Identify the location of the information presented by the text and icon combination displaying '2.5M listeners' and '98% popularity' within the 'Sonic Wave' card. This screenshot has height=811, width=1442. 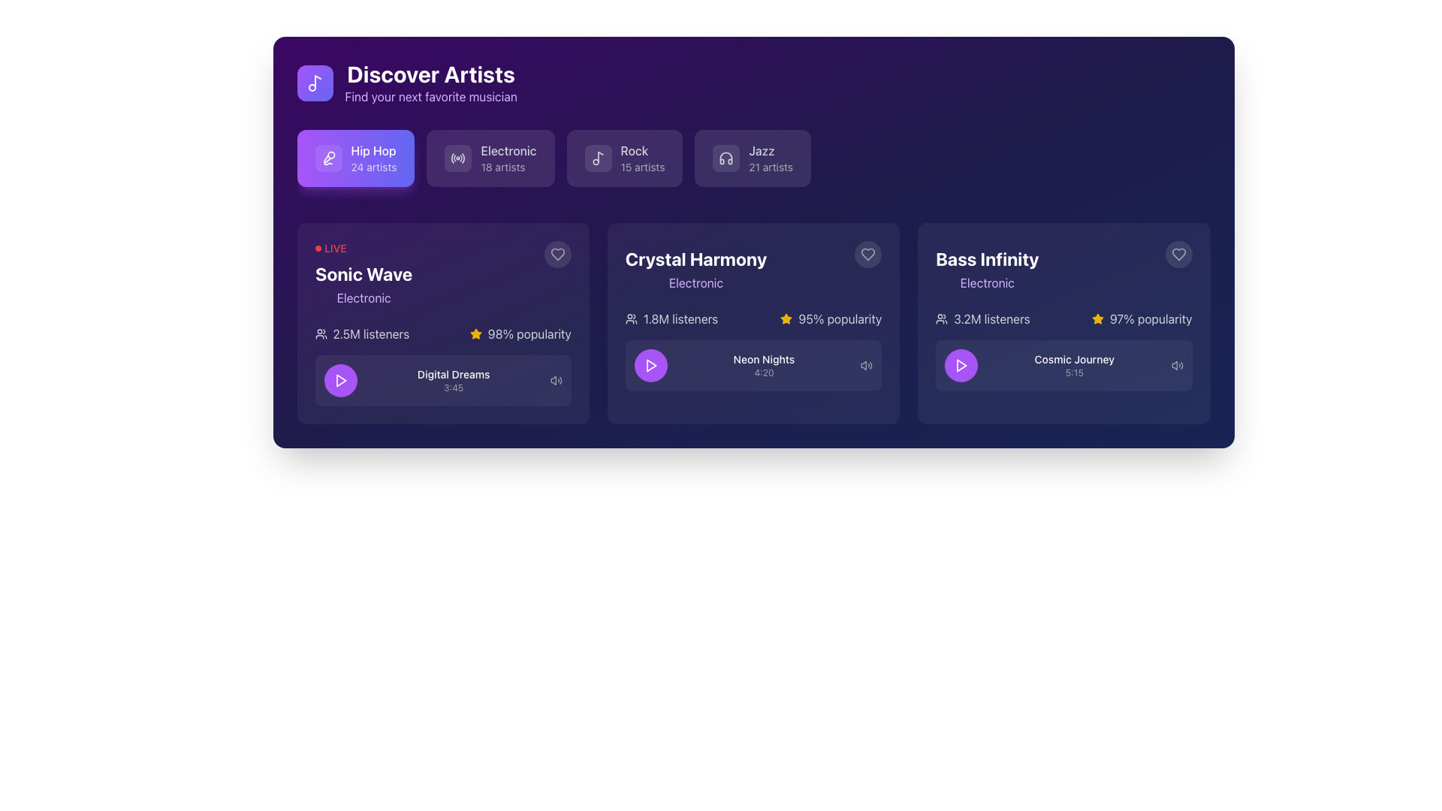
(442, 333).